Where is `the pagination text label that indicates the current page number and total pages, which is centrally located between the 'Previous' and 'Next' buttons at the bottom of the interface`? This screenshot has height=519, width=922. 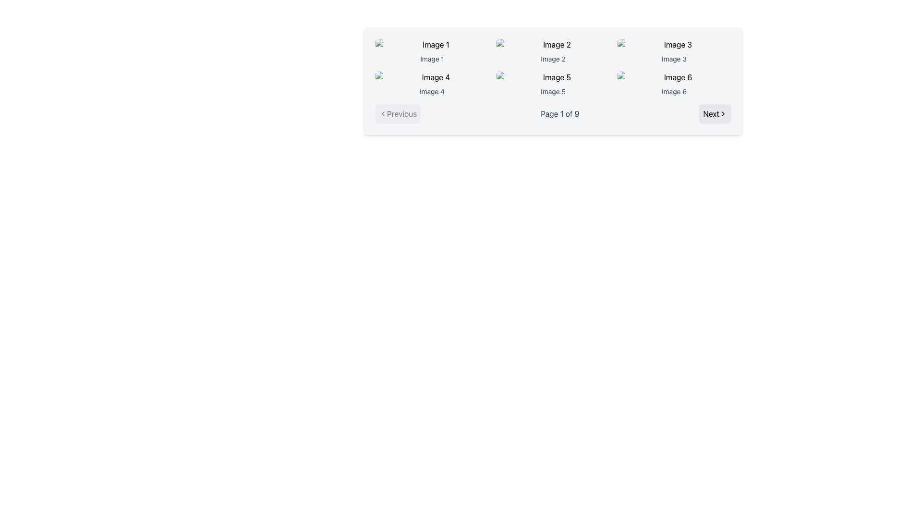 the pagination text label that indicates the current page number and total pages, which is centrally located between the 'Previous' and 'Next' buttons at the bottom of the interface is located at coordinates (560, 113).